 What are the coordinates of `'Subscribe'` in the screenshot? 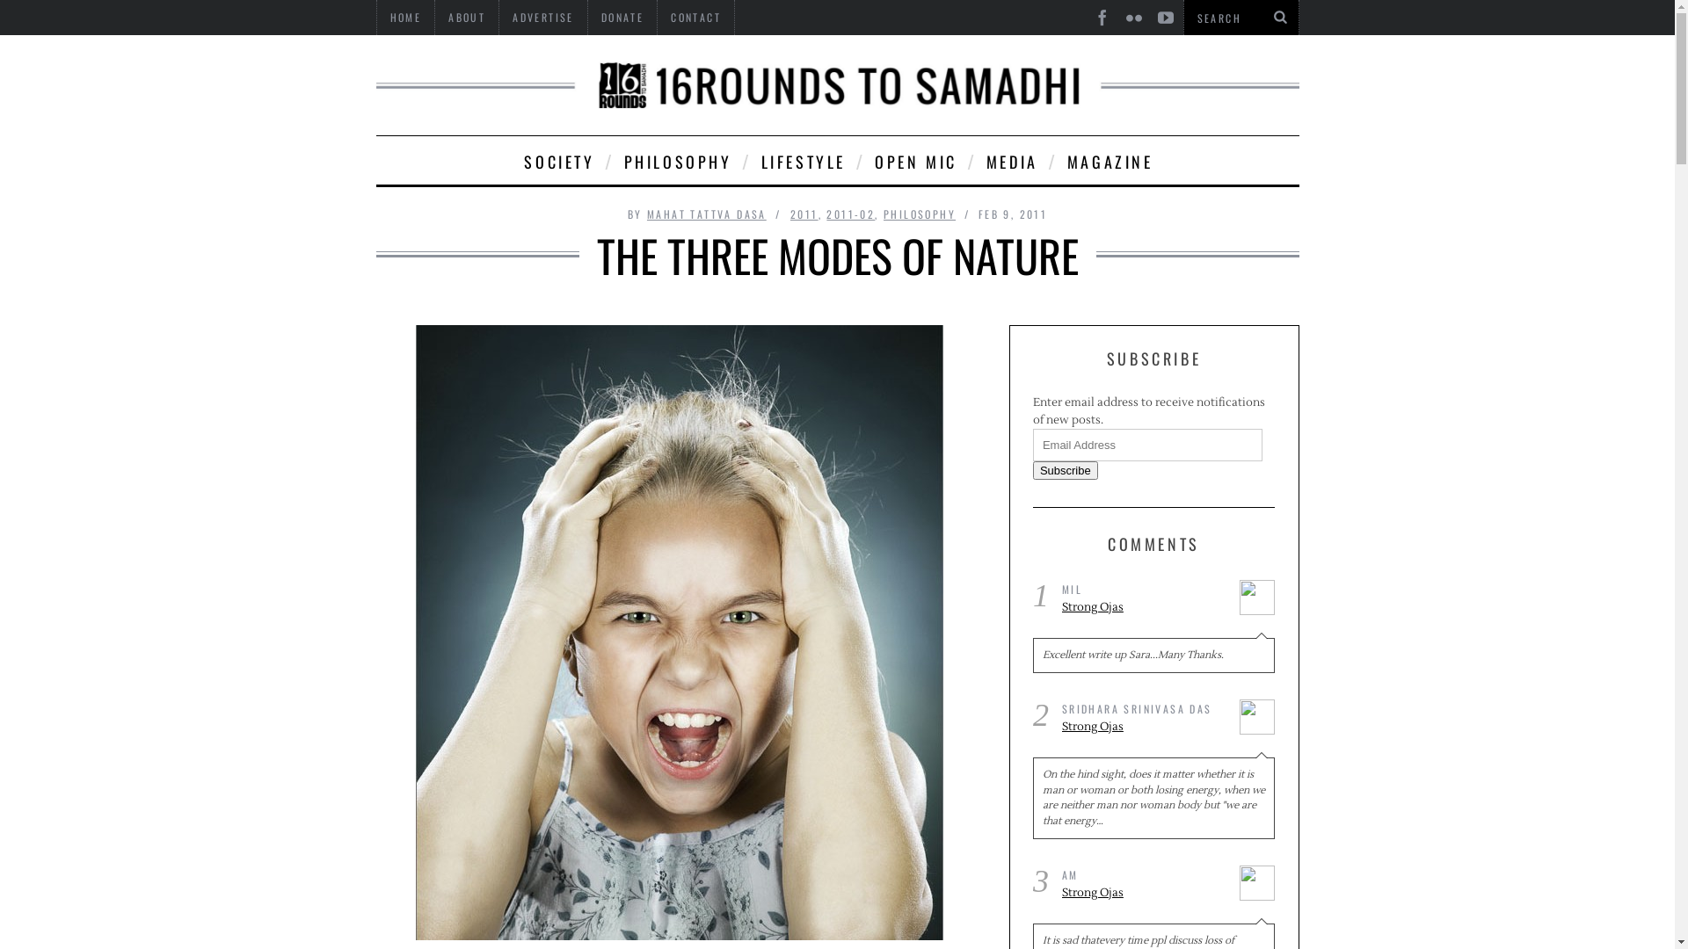 It's located at (1064, 469).